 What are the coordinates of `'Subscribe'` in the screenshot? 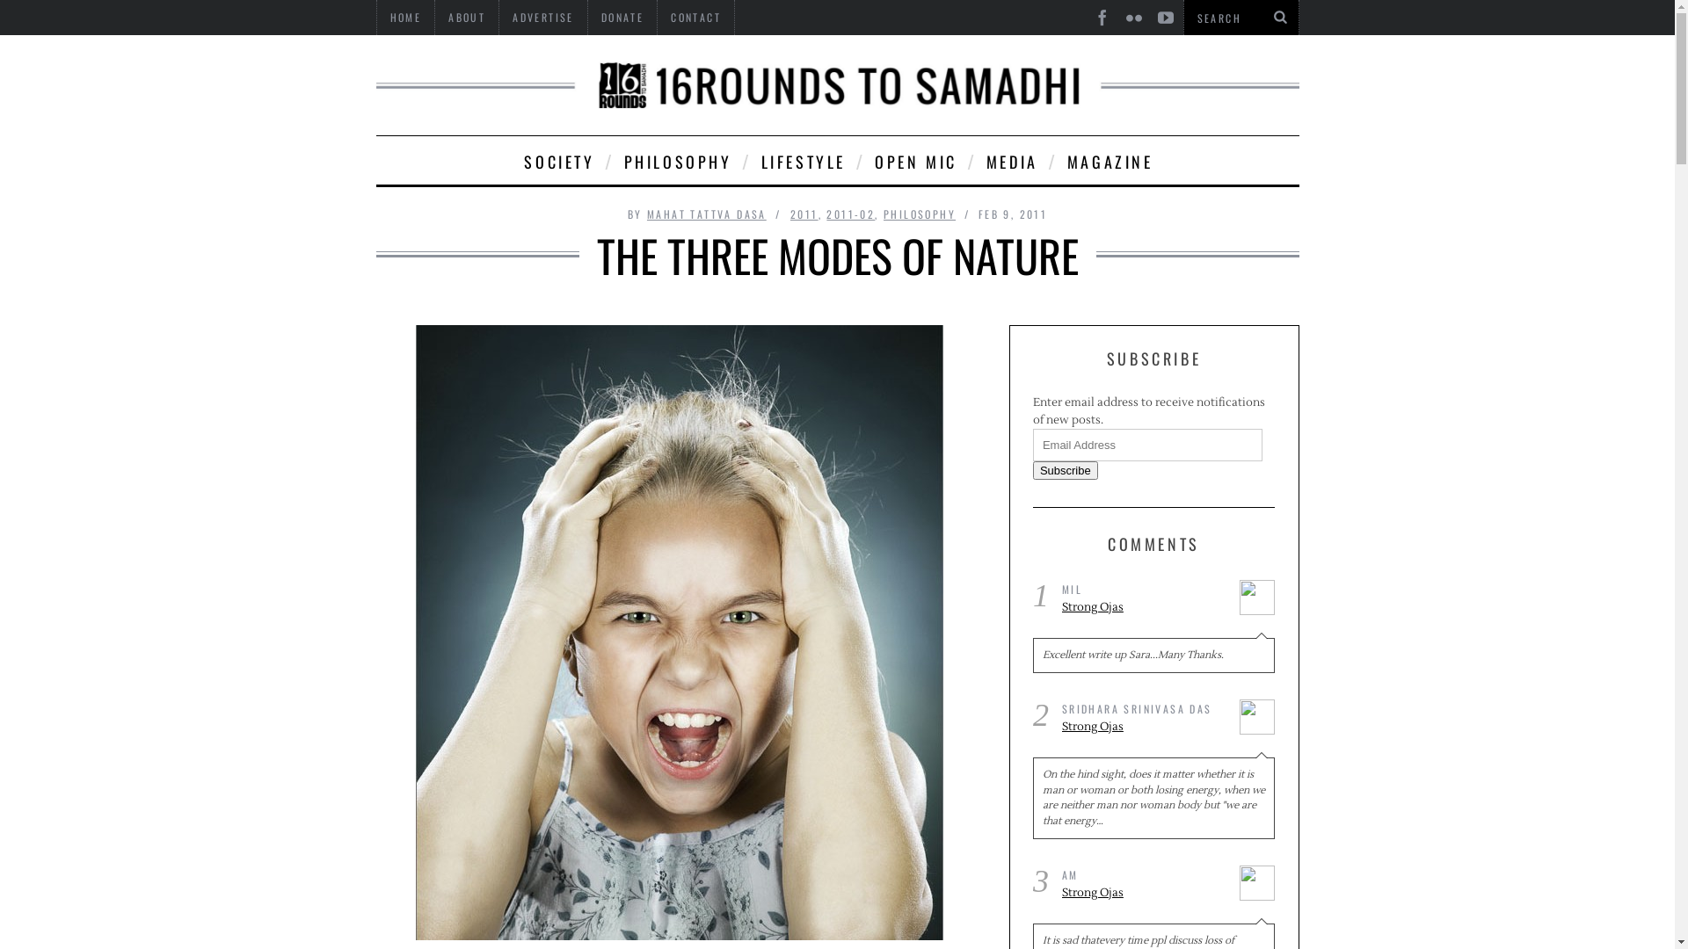 It's located at (1064, 469).